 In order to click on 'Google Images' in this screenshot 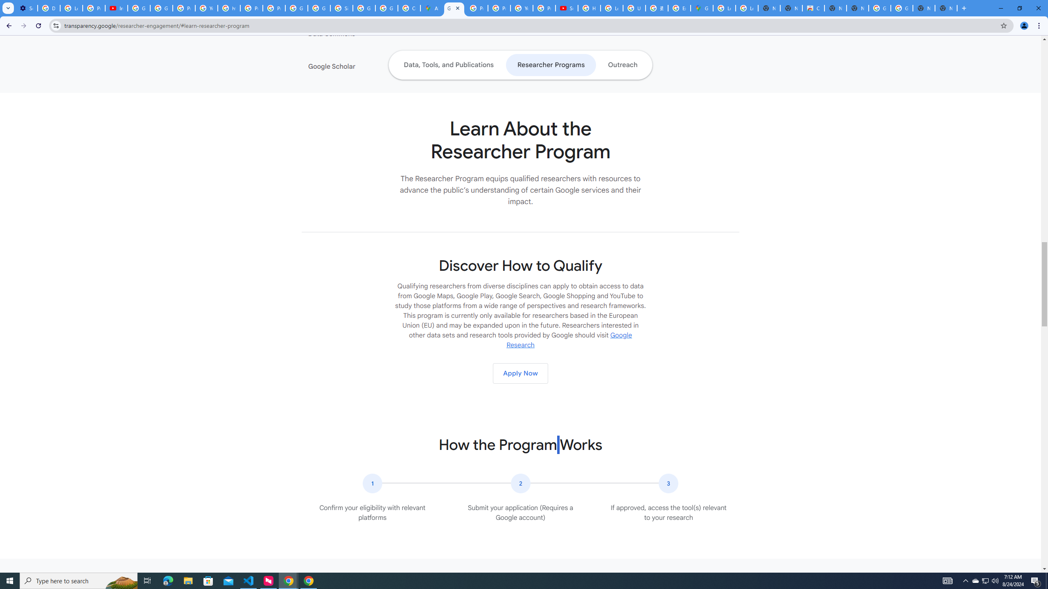, I will do `click(901, 8)`.